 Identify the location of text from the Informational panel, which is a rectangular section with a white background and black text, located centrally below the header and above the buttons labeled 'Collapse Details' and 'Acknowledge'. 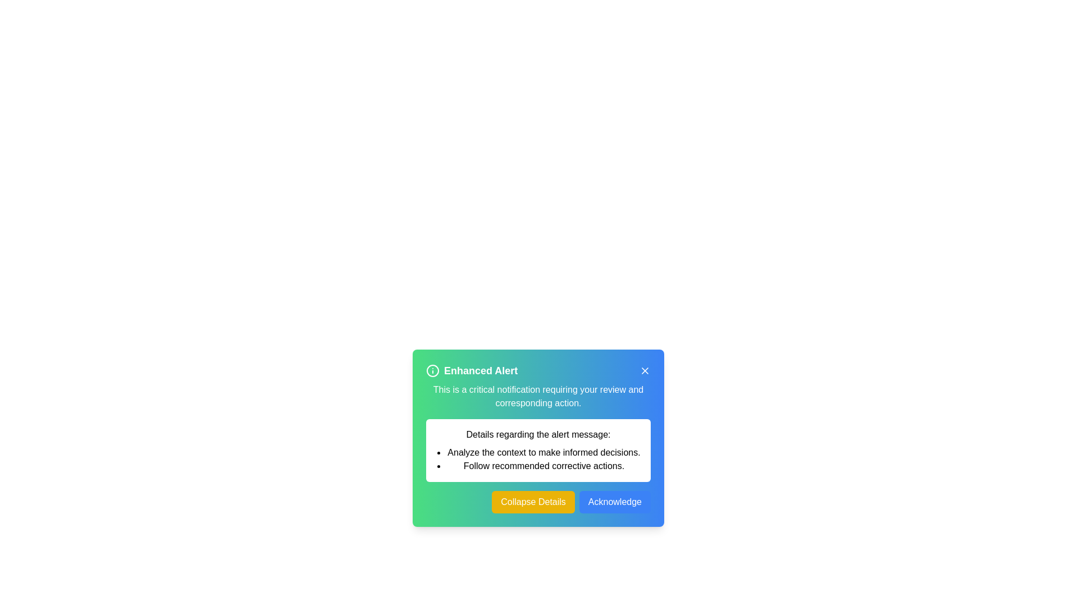
(538, 449).